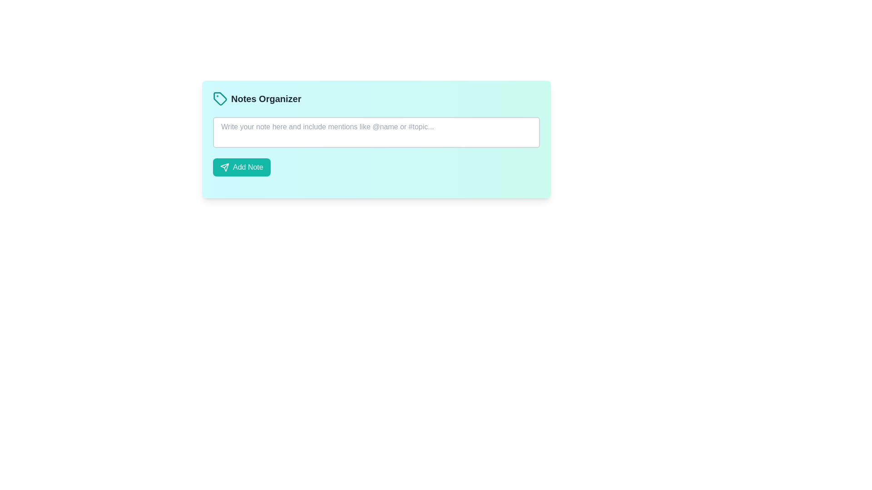  I want to click on the teal vector graphic tag icon located, so click(220, 99).